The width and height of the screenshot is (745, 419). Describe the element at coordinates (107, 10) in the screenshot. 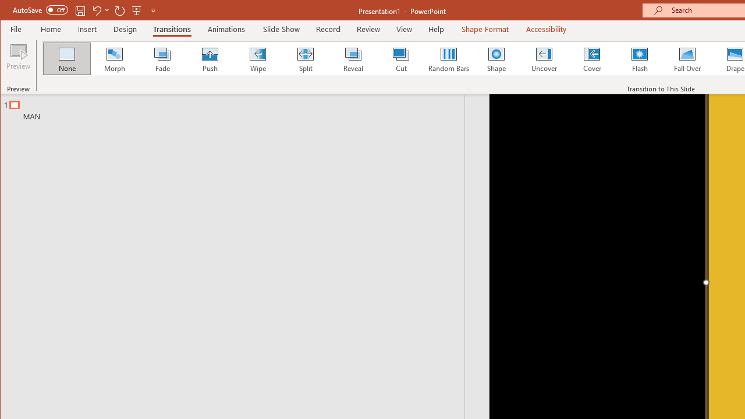

I see `'More Options'` at that location.